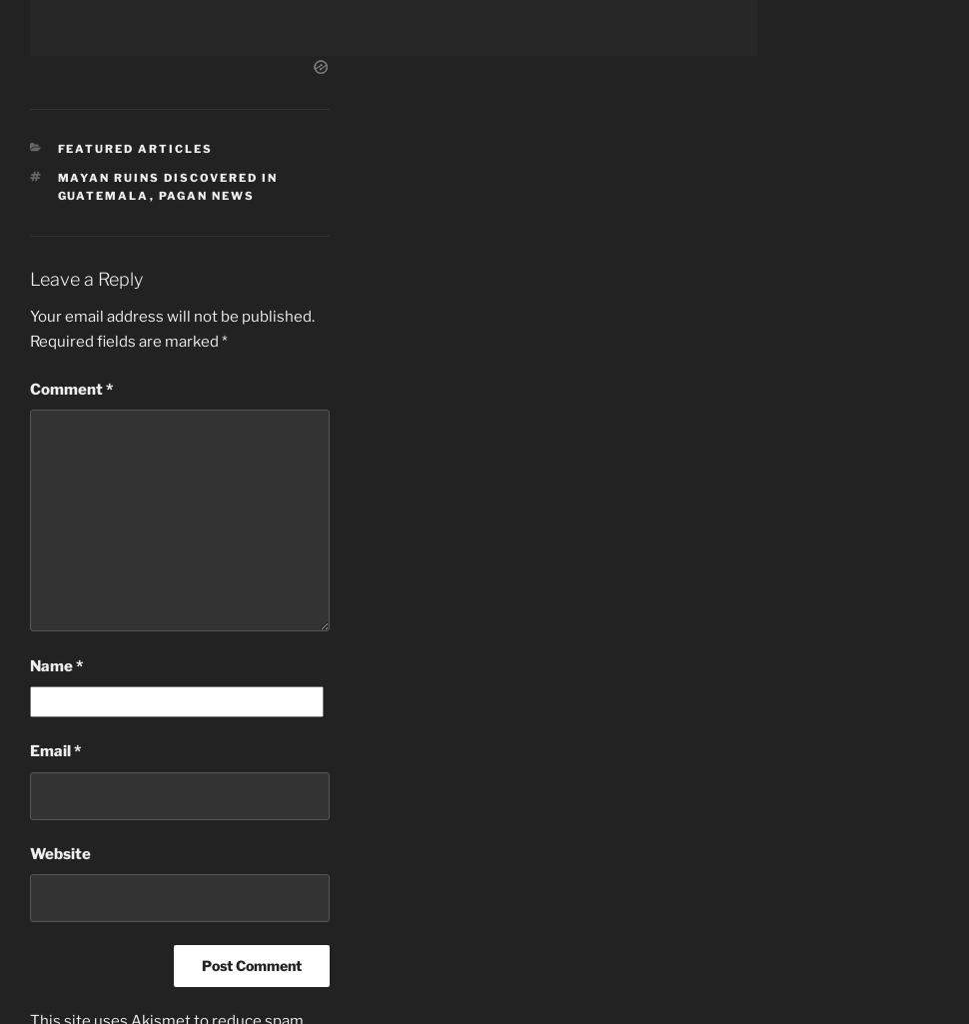 The image size is (969, 1024). I want to click on 'Required fields are marked', so click(126, 341).